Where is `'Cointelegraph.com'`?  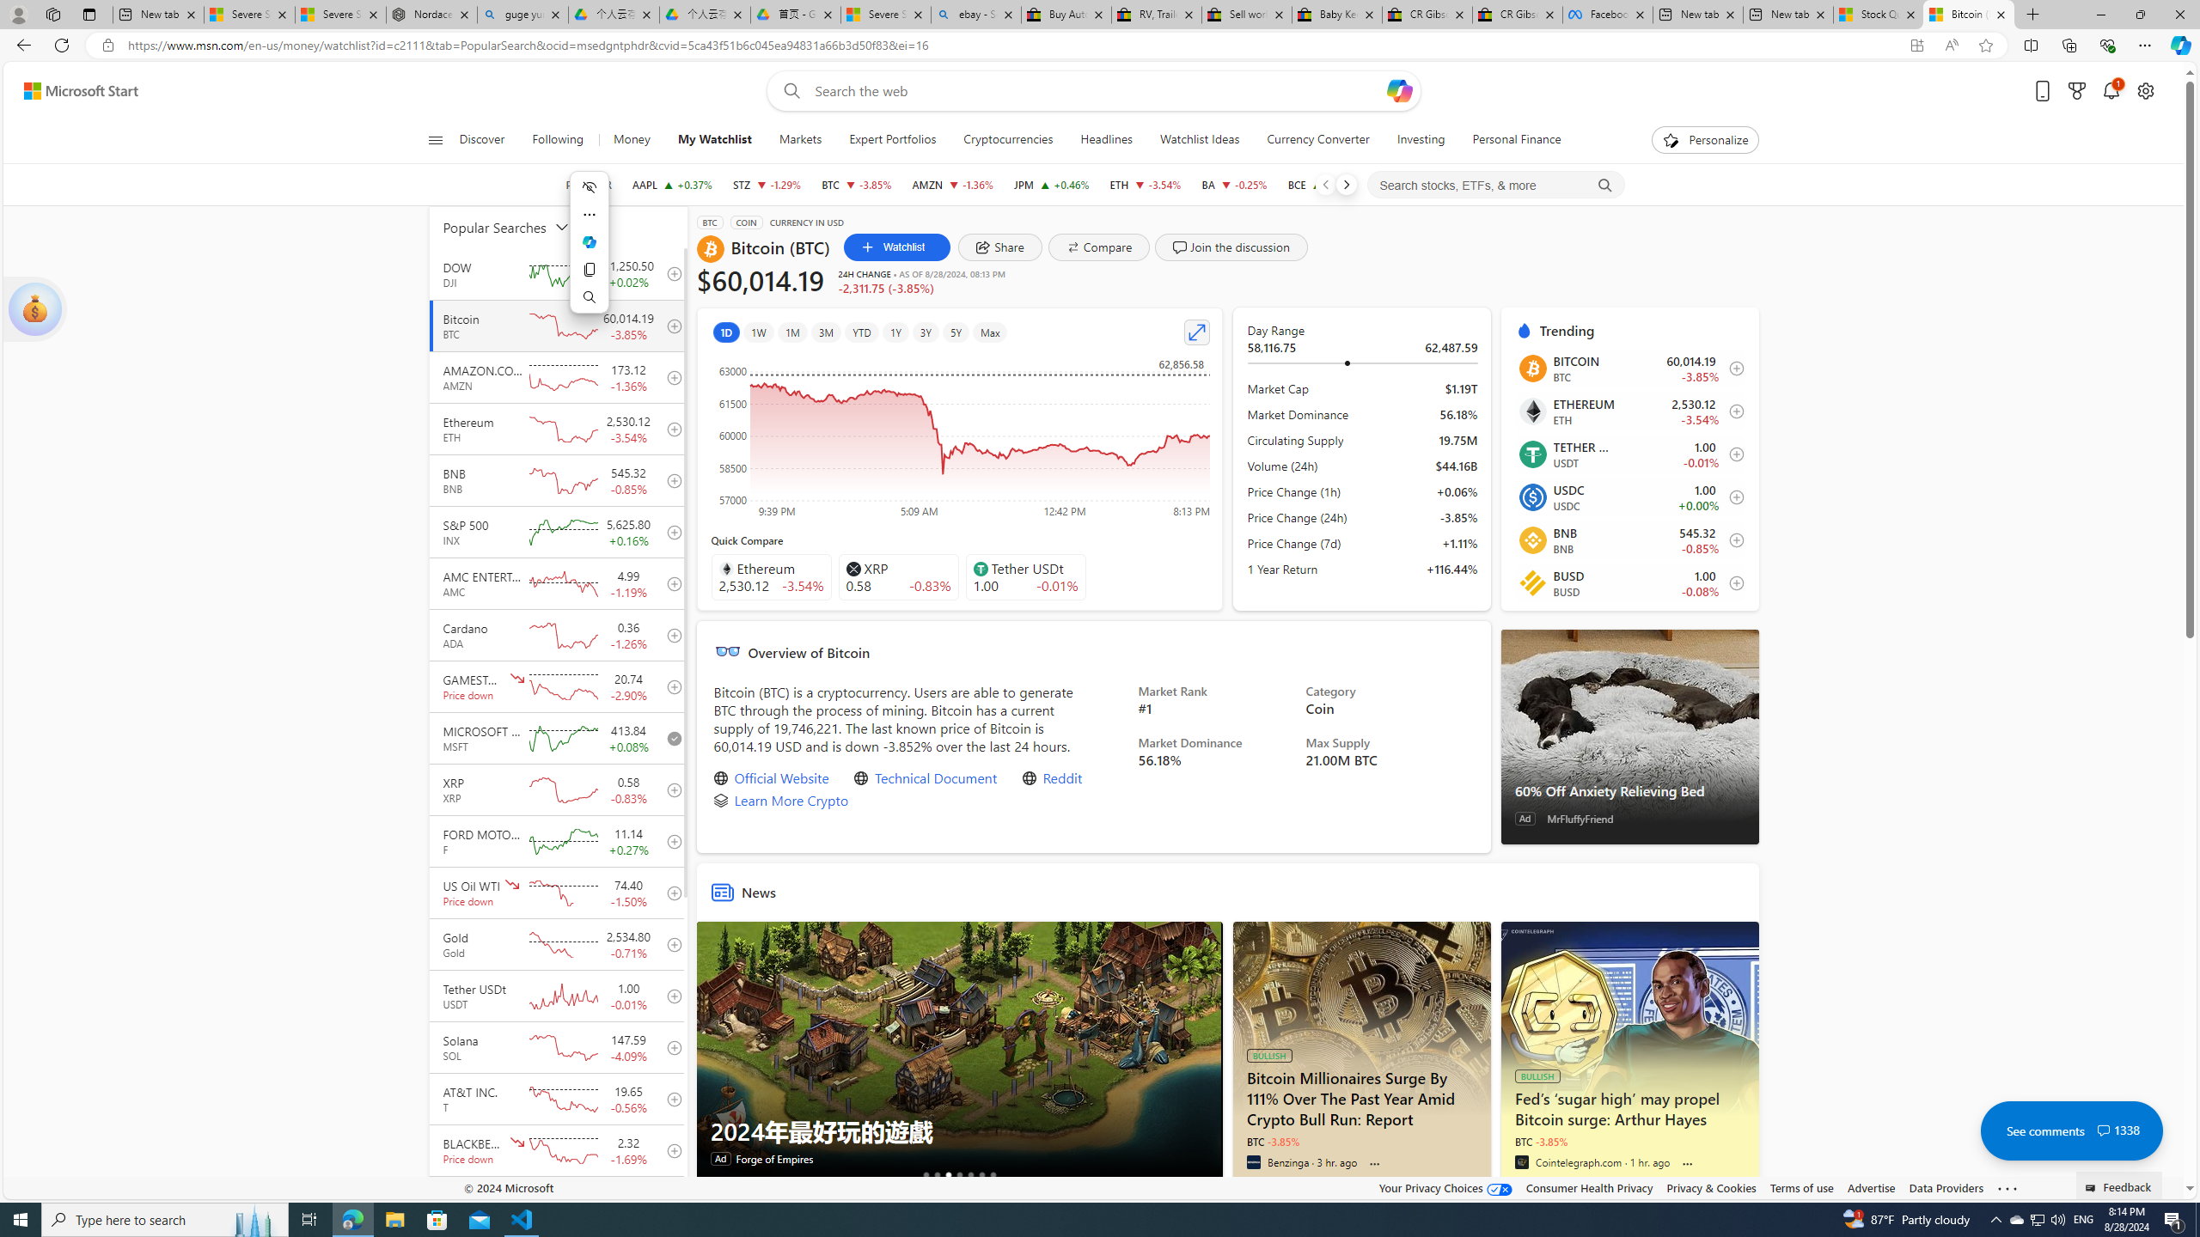 'Cointelegraph.com' is located at coordinates (1520, 1161).